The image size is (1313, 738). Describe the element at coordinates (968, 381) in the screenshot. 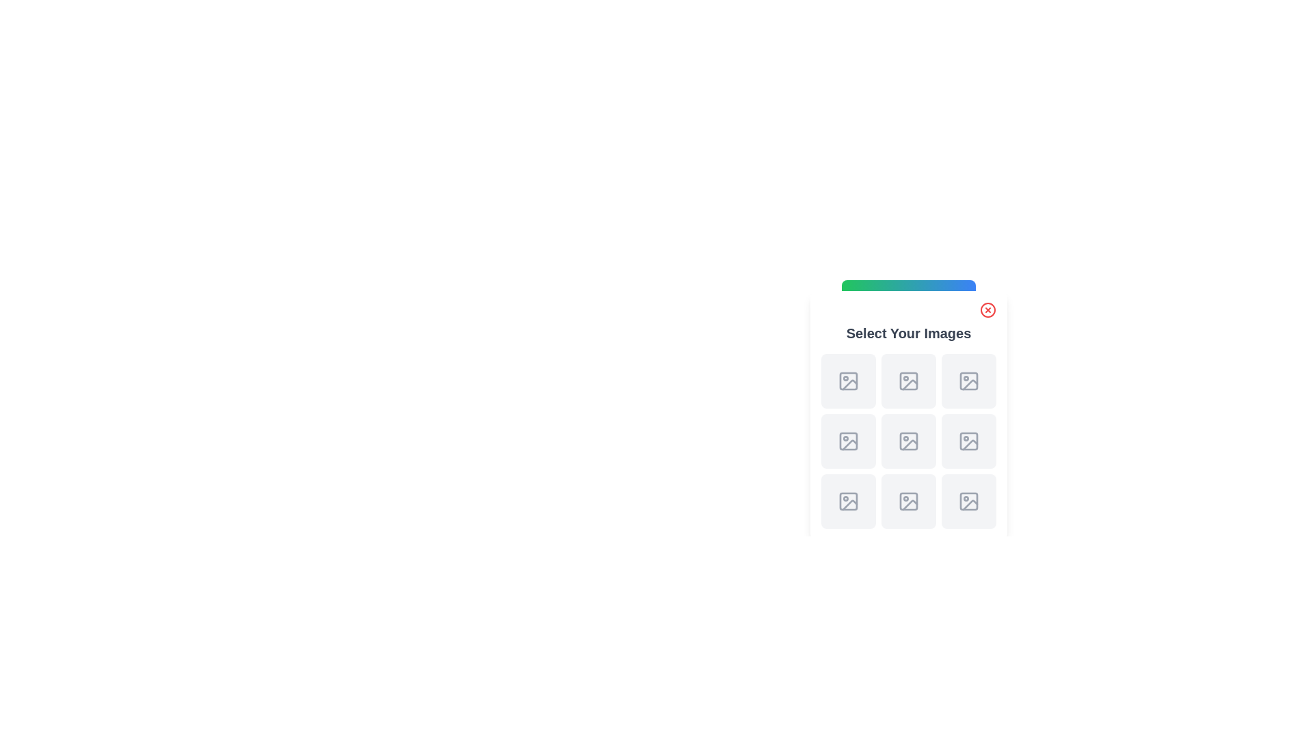

I see `the image placeholder icon located in the second row, third column of a 3x3 grid, which is the only graphical content in that position` at that location.